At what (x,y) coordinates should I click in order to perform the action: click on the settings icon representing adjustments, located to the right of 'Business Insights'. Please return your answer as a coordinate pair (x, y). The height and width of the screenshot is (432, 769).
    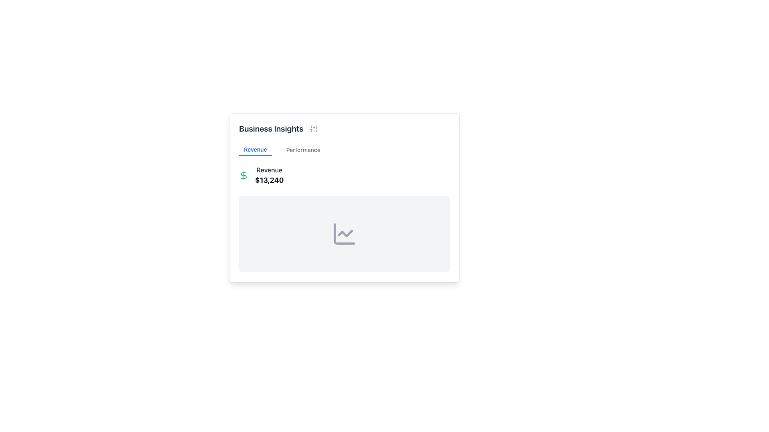
    Looking at the image, I should click on (313, 128).